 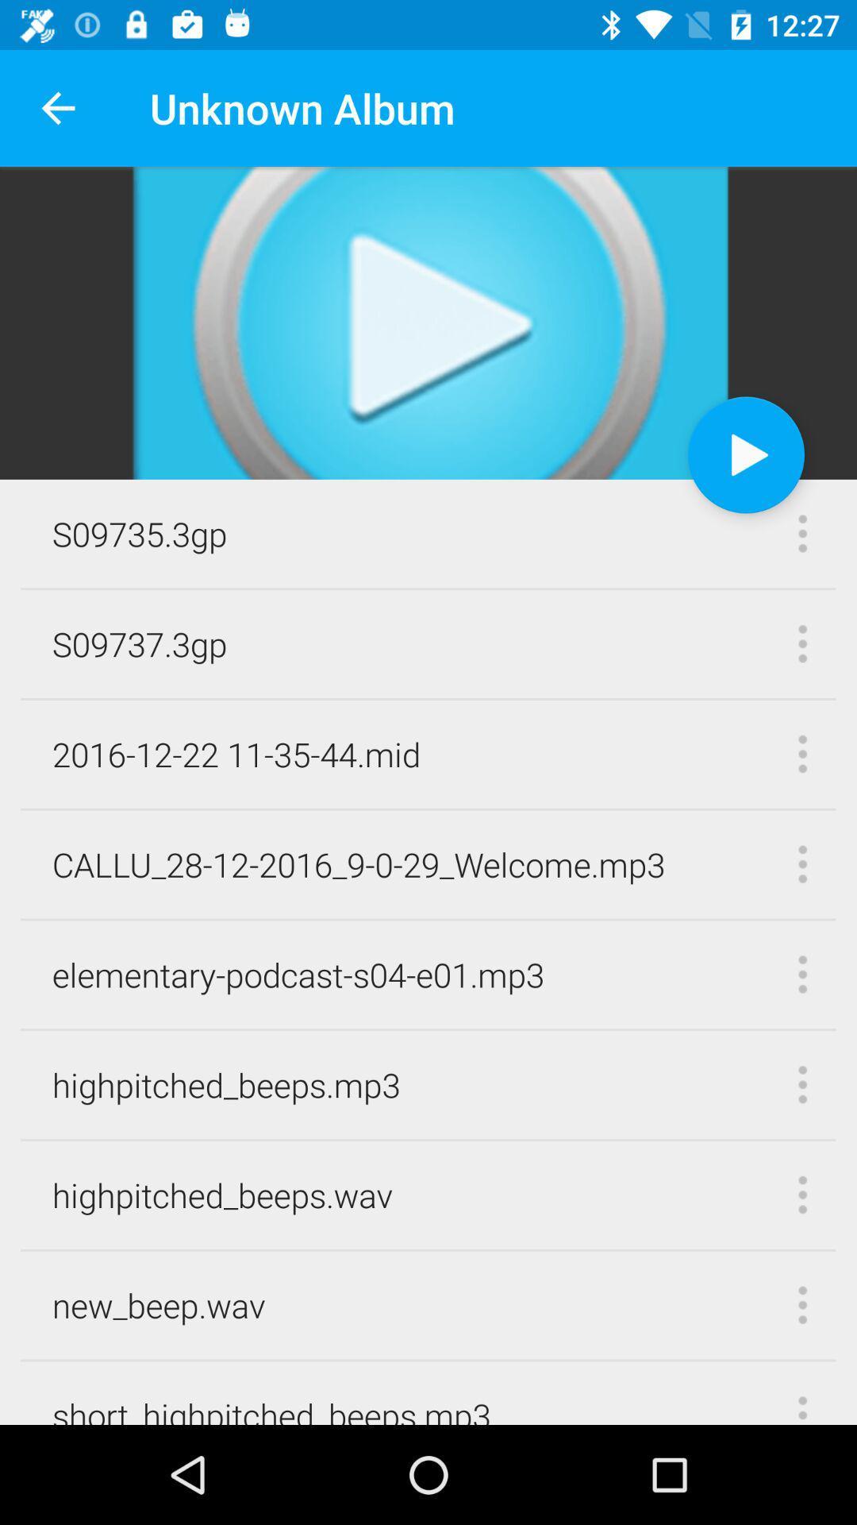 What do you see at coordinates (746, 454) in the screenshot?
I see `item next to s09735.3gp` at bounding box center [746, 454].